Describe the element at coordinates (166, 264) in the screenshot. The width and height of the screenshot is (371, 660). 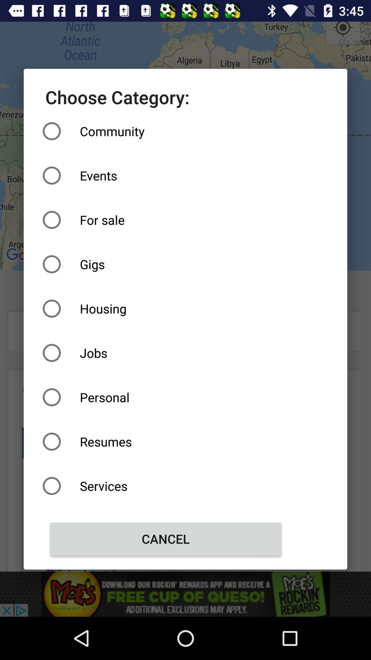
I see `the gigs icon` at that location.